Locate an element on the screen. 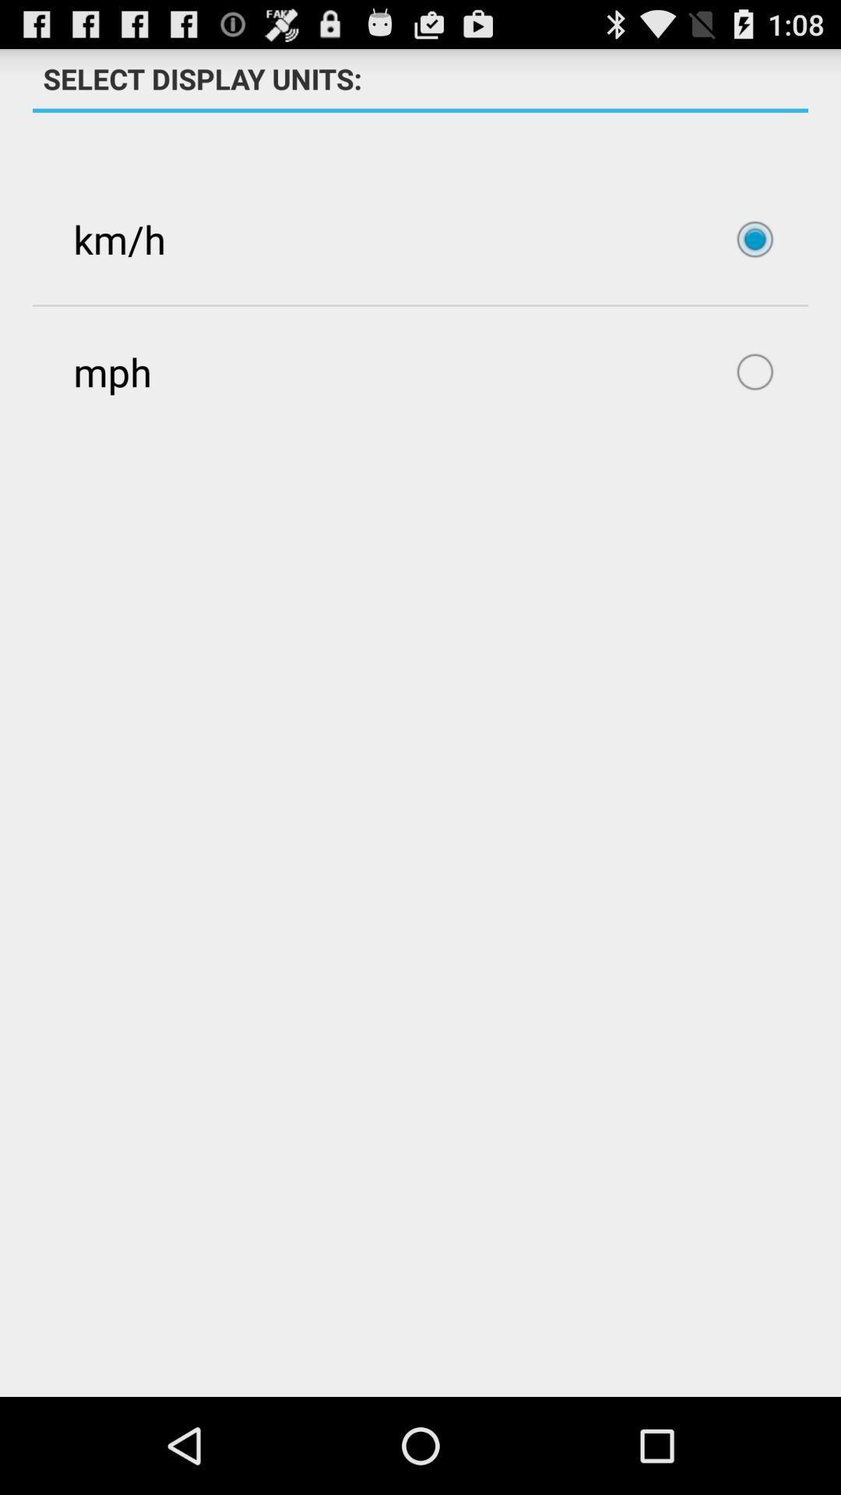  item above mph item is located at coordinates (420, 238).